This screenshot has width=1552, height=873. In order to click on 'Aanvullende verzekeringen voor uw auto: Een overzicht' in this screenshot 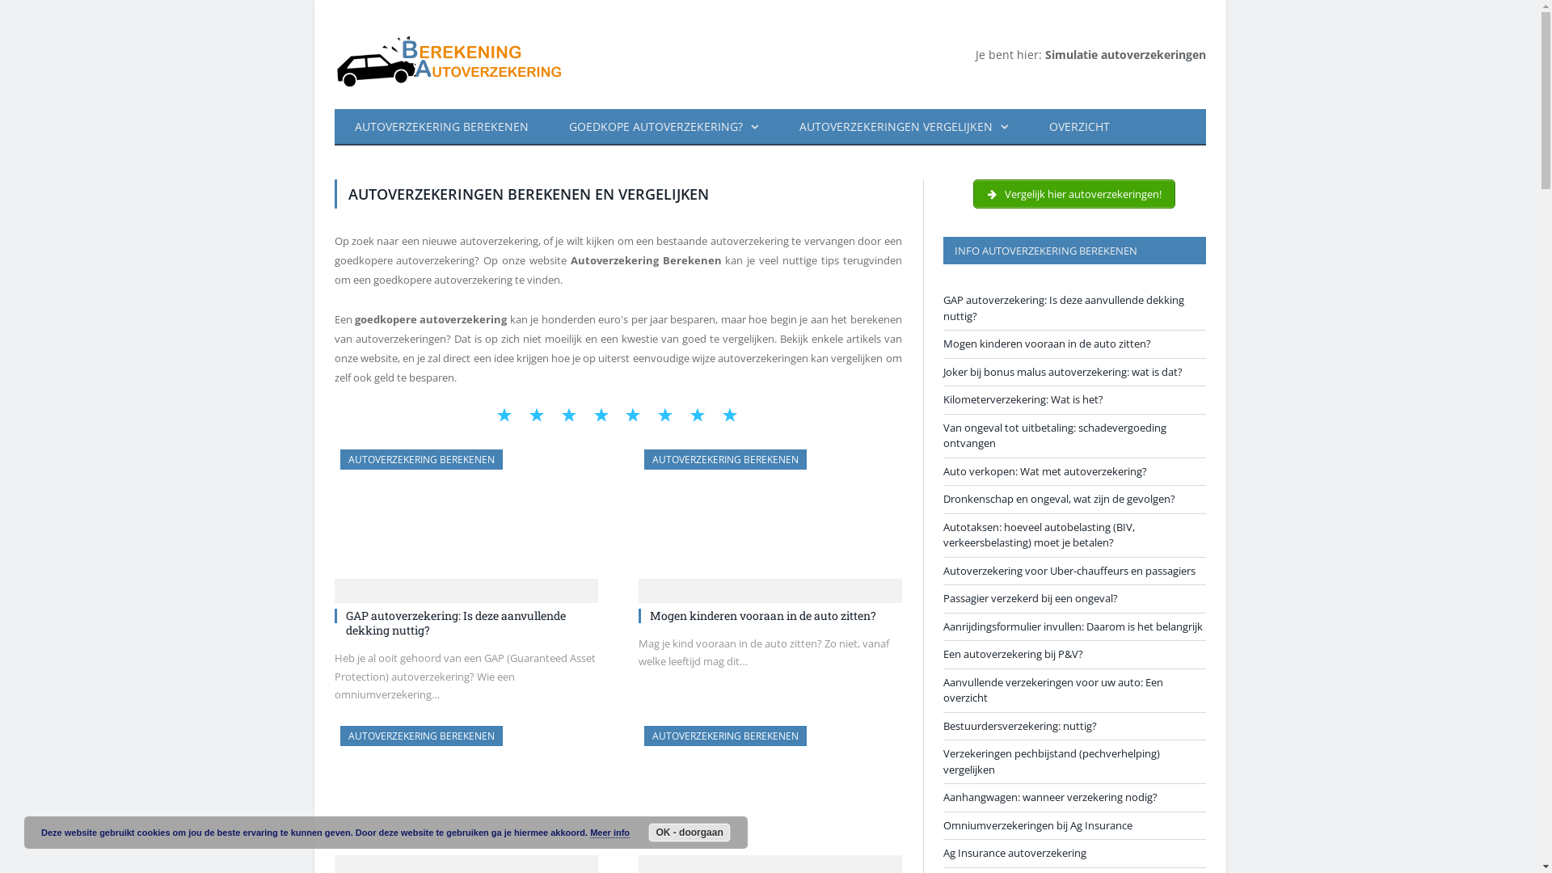, I will do `click(1052, 689)`.